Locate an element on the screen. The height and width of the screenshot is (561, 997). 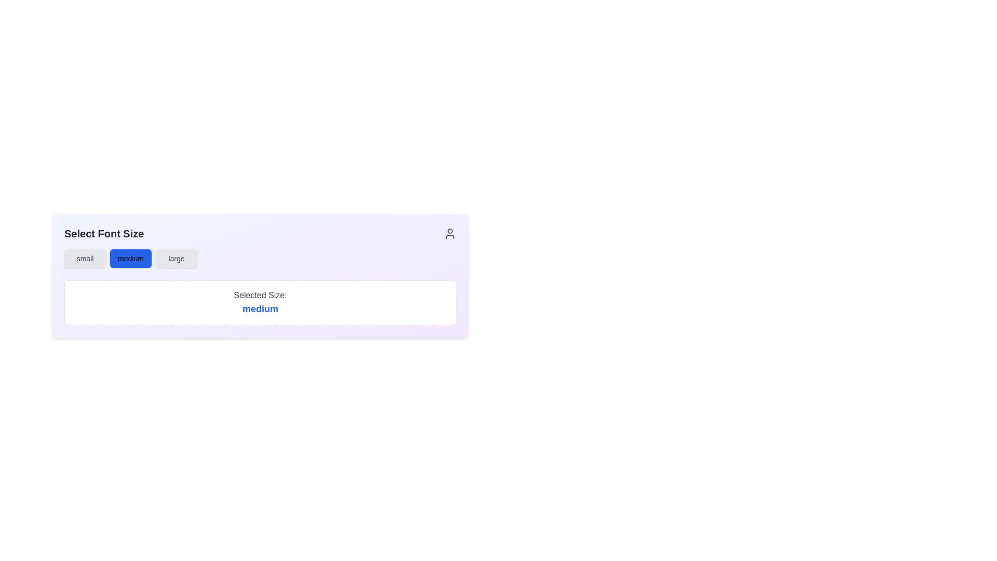
the text label displaying 'Selected Size:' which is a medium gray, sans-serif font, located above the word 'medium' in the size selection feedback section is located at coordinates (260, 296).